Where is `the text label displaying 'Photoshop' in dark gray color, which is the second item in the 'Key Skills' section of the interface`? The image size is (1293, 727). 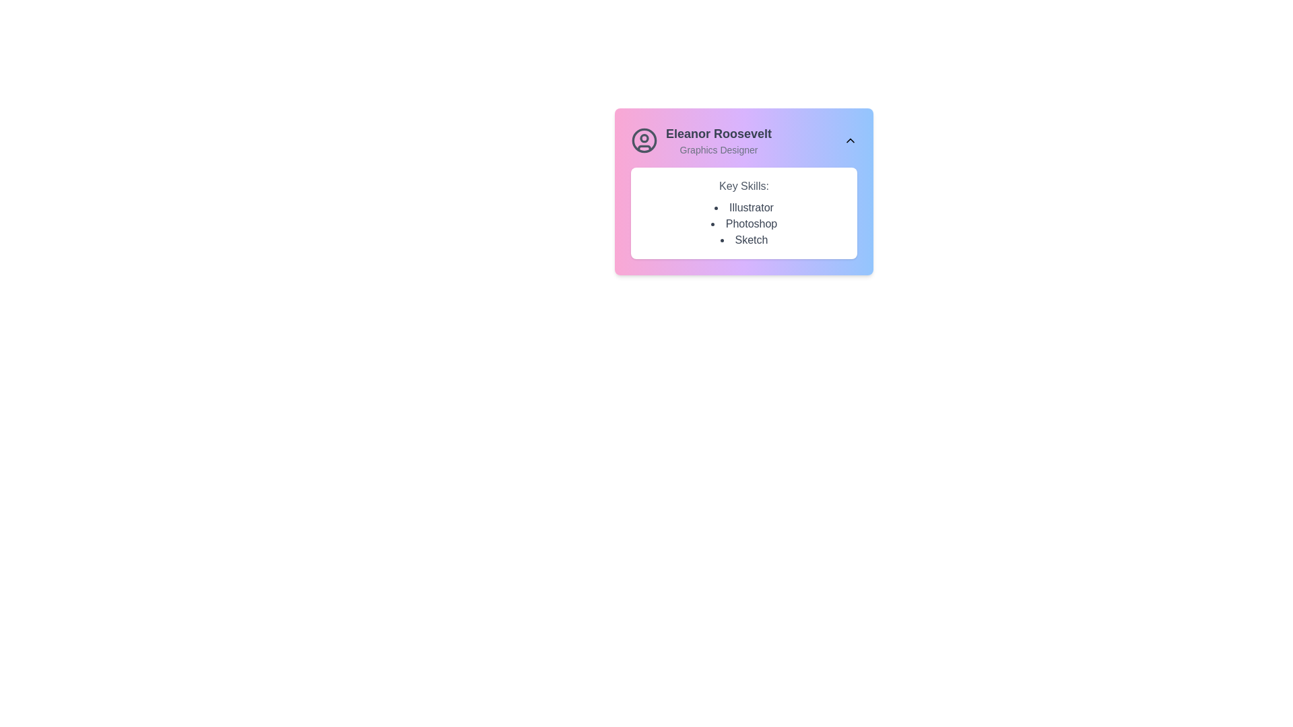 the text label displaying 'Photoshop' in dark gray color, which is the second item in the 'Key Skills' section of the interface is located at coordinates (743, 223).